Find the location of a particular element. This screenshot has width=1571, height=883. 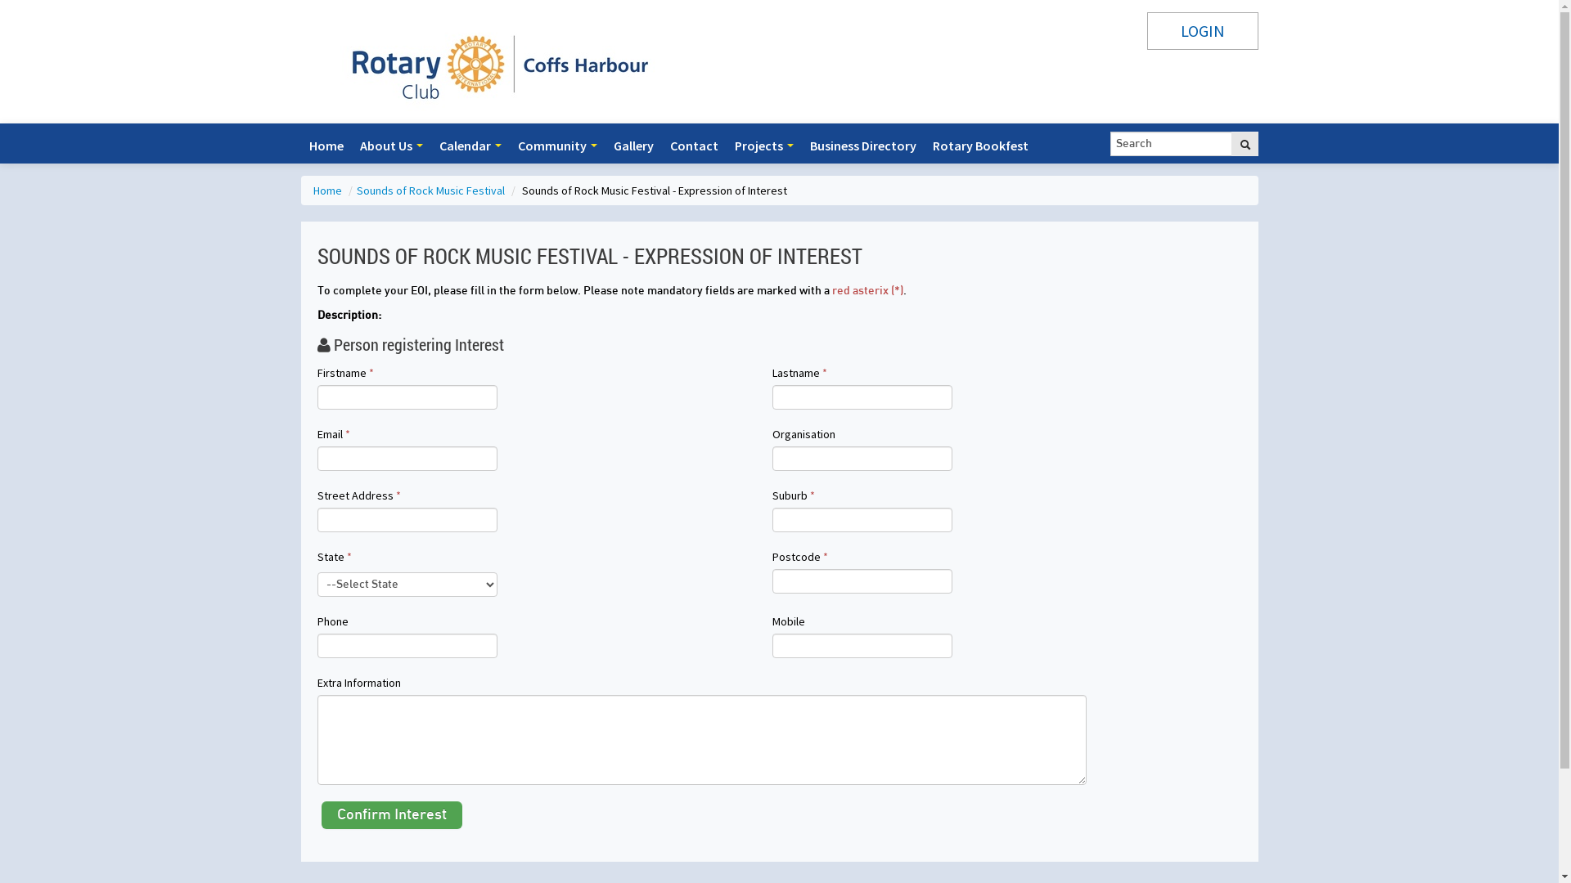

'Home' is located at coordinates (301, 144).